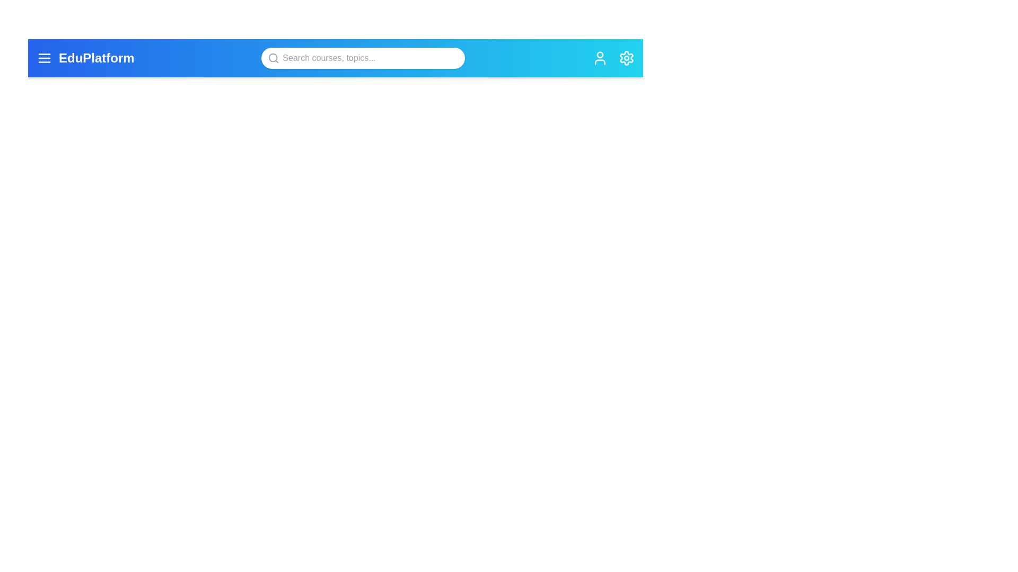 This screenshot has height=572, width=1018. I want to click on the search bar to activate the text input, so click(363, 58).